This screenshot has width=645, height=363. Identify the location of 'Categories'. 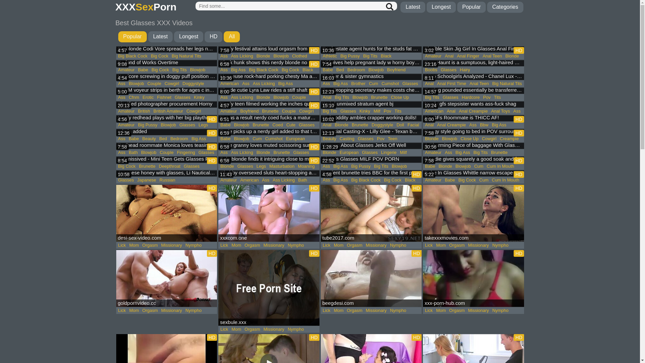
(487, 7).